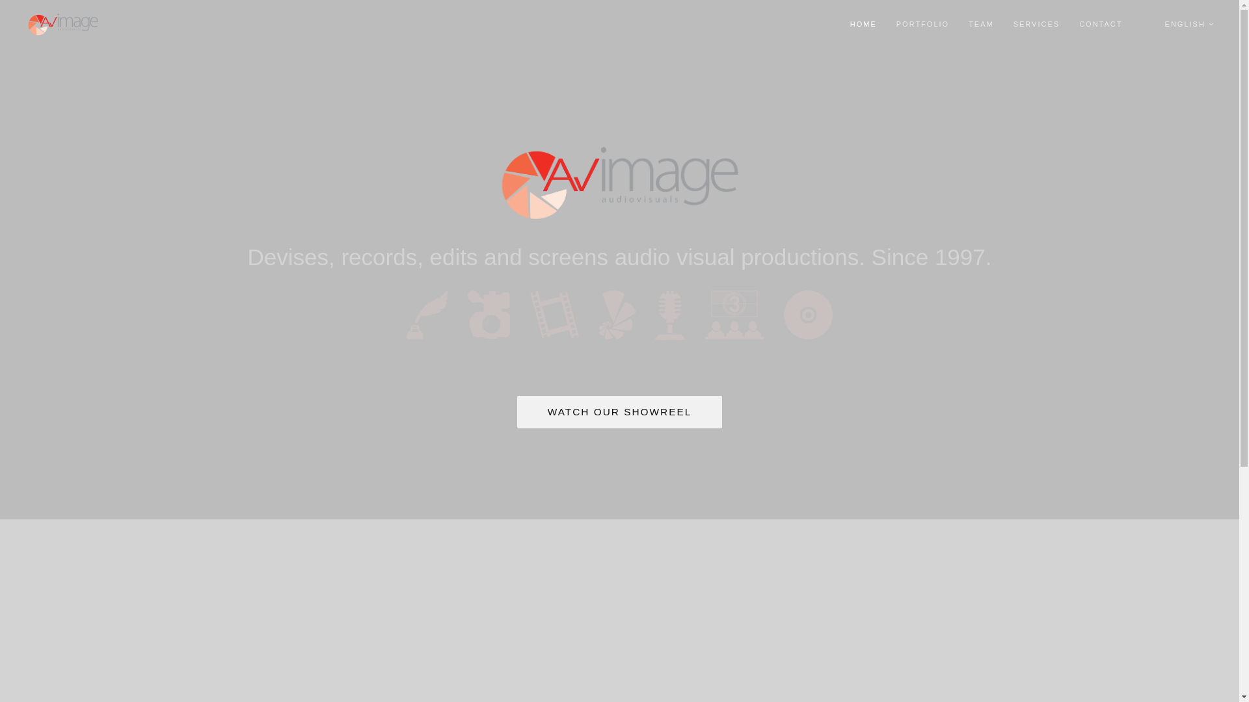 The height and width of the screenshot is (702, 1249). I want to click on 'Script', so click(427, 315).